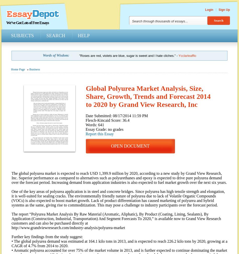 This screenshot has width=239, height=254. Describe the element at coordinates (86, 134) in the screenshot. I see `'Report this Essay'` at that location.